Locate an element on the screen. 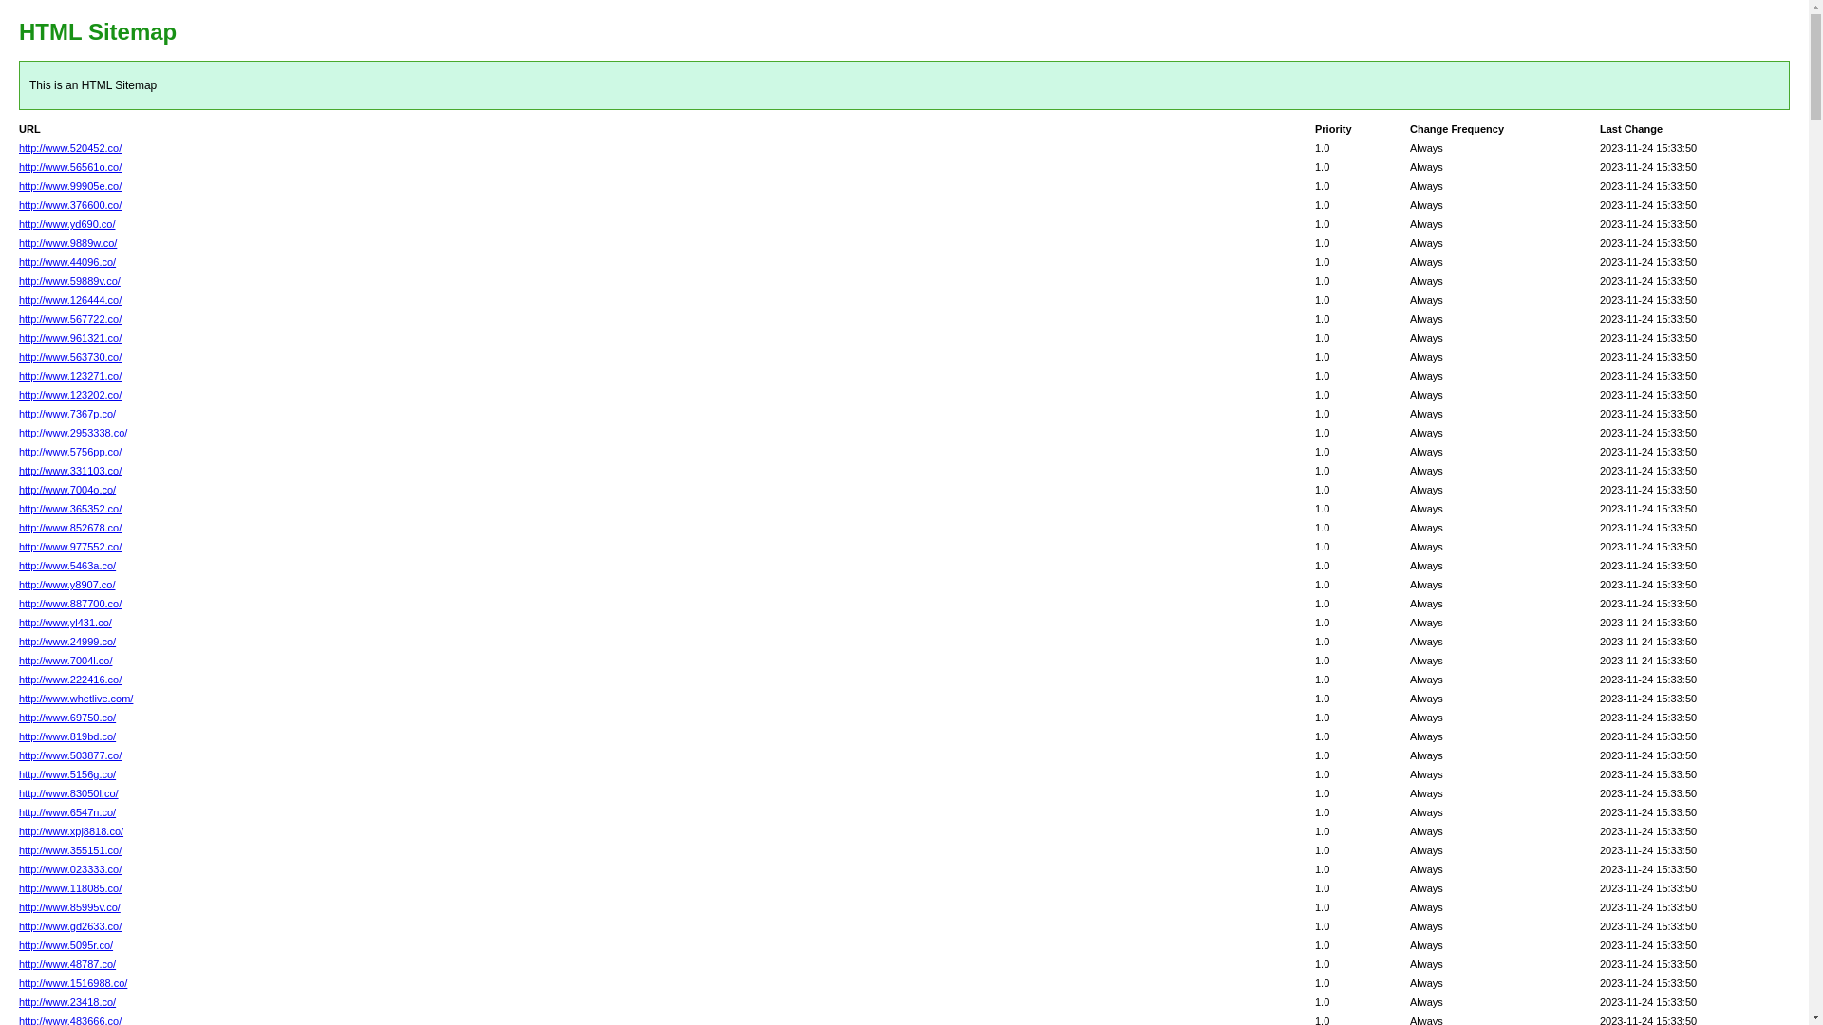  'http://www.126444.co/' is located at coordinates (69, 299).